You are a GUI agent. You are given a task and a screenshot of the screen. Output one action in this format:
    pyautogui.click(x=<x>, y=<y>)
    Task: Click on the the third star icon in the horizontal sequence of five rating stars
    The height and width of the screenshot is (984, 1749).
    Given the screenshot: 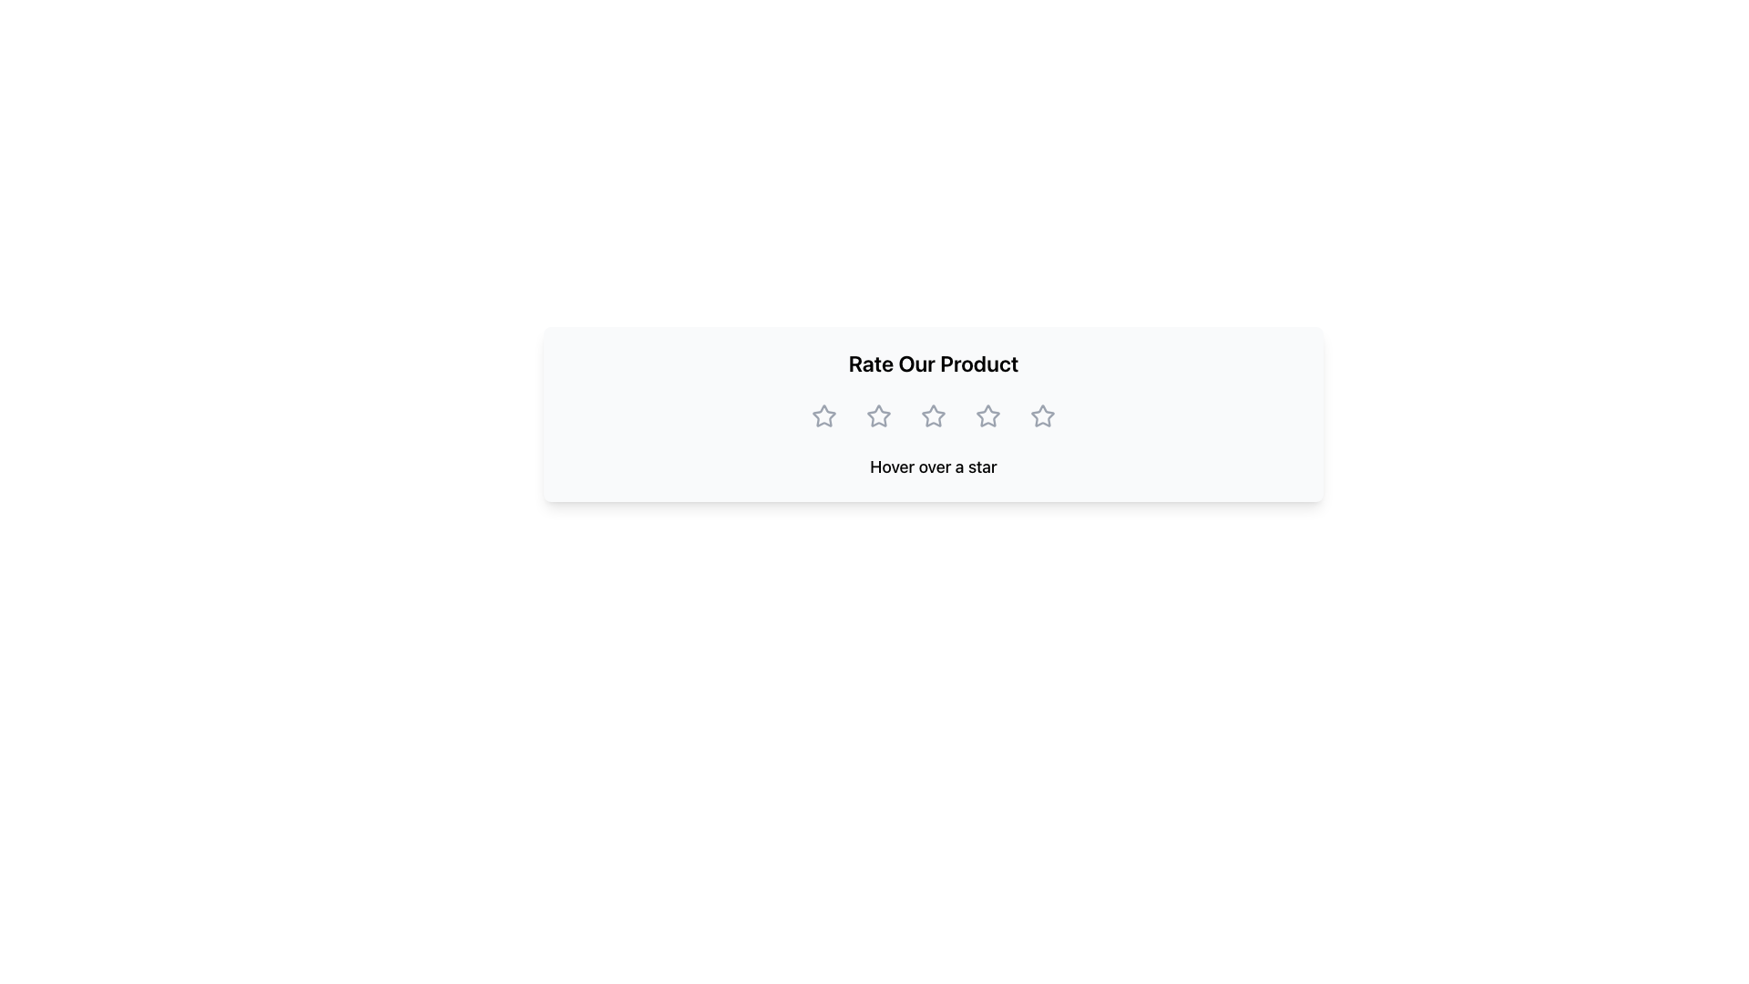 What is the action you would take?
    pyautogui.click(x=934, y=415)
    